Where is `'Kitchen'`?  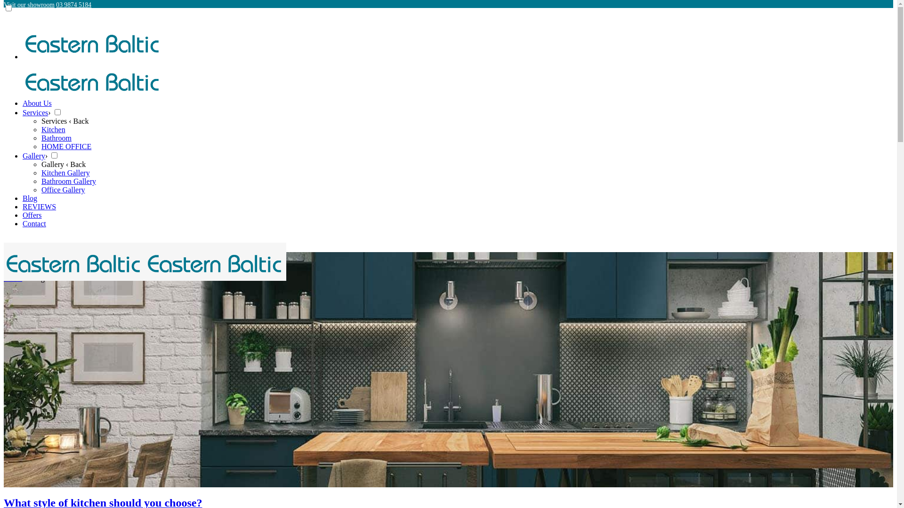
'Kitchen' is located at coordinates (40, 129).